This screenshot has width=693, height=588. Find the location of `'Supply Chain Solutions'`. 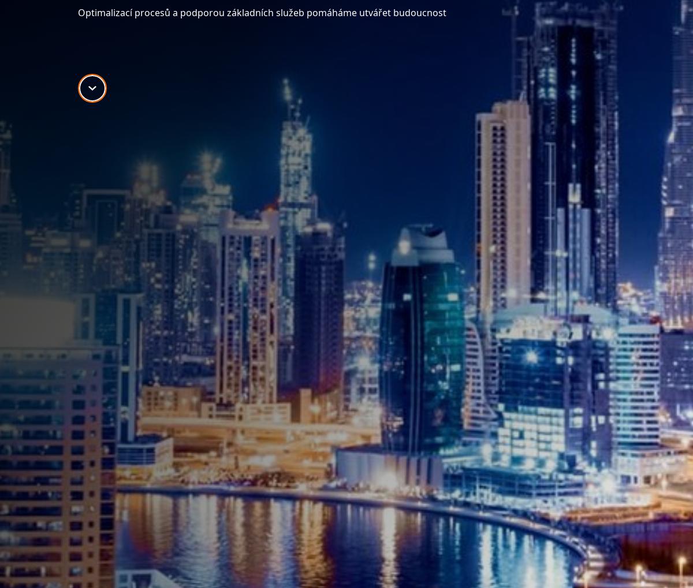

'Supply Chain Solutions' is located at coordinates (308, 406).